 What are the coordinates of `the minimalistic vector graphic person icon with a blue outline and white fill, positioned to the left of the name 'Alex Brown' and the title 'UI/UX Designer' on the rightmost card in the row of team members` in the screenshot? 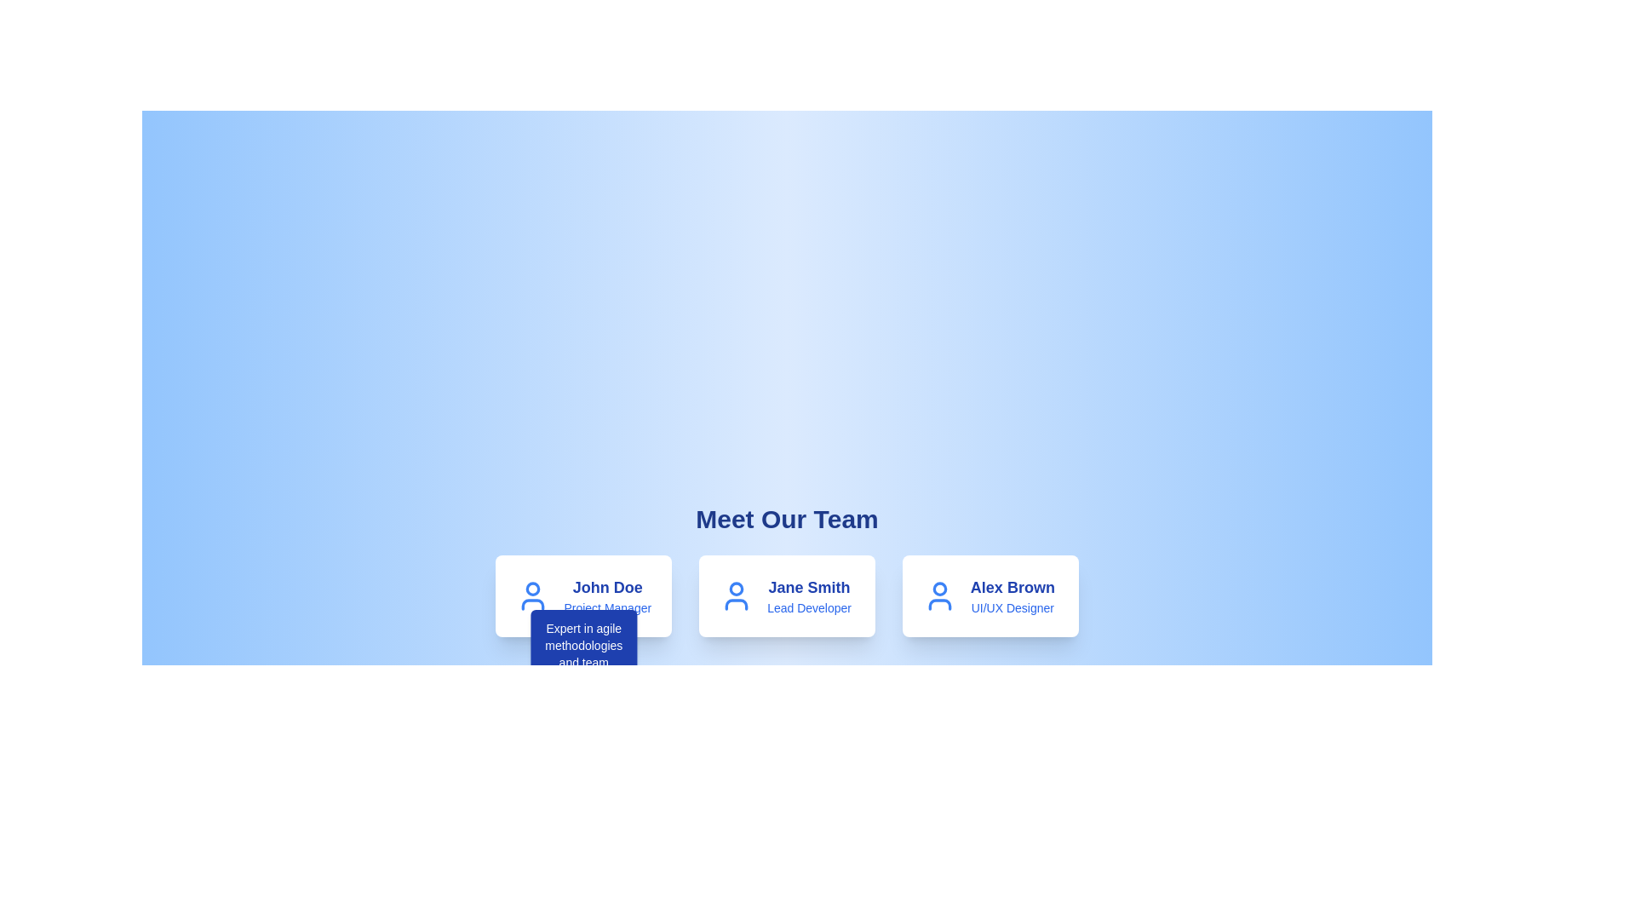 It's located at (938, 595).